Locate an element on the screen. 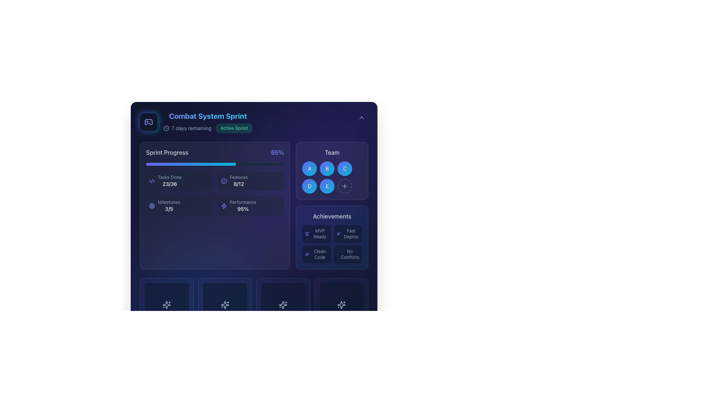  the 'No Conflicts' informational button, which is a rectangular button with rounded corners, dark blue background, light text, an icon resembling a branch, located in the Achievements section of the interface is located at coordinates (347, 254).